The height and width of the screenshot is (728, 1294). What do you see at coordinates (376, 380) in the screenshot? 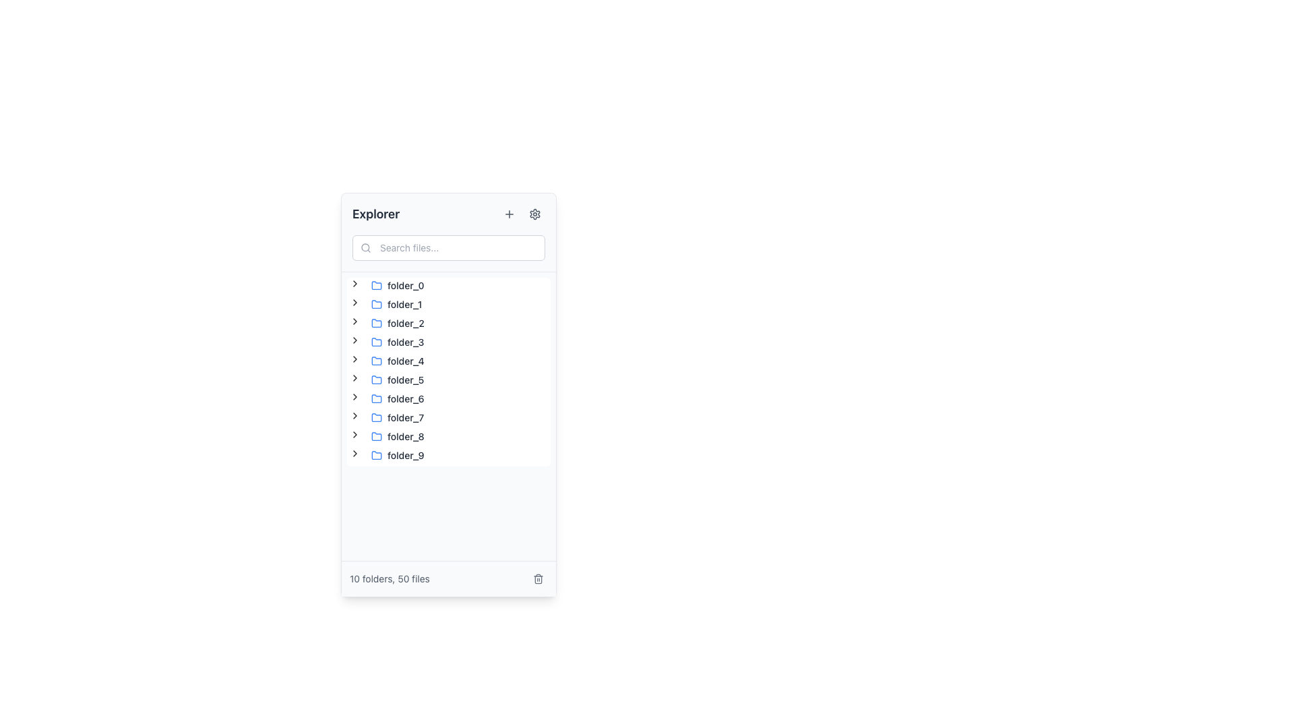
I see `the folder icon representing 'folder_5'` at bounding box center [376, 380].